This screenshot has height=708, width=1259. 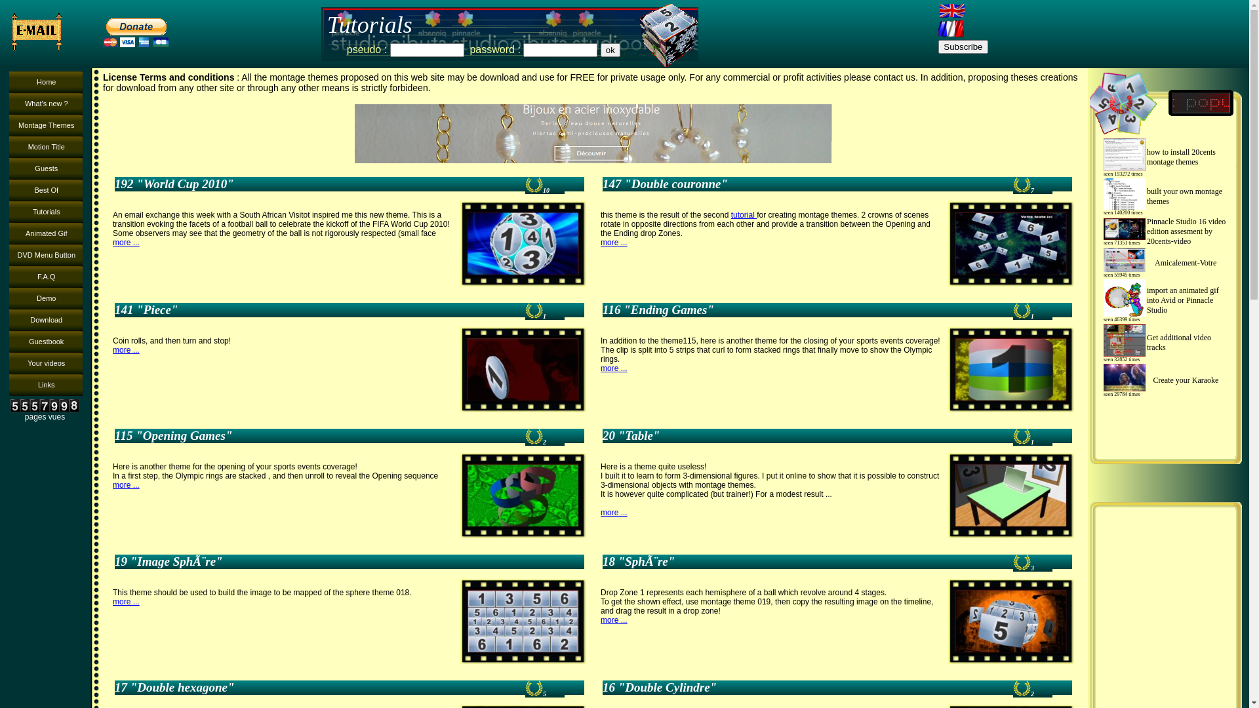 I want to click on 'F.A.Q', so click(x=46, y=276).